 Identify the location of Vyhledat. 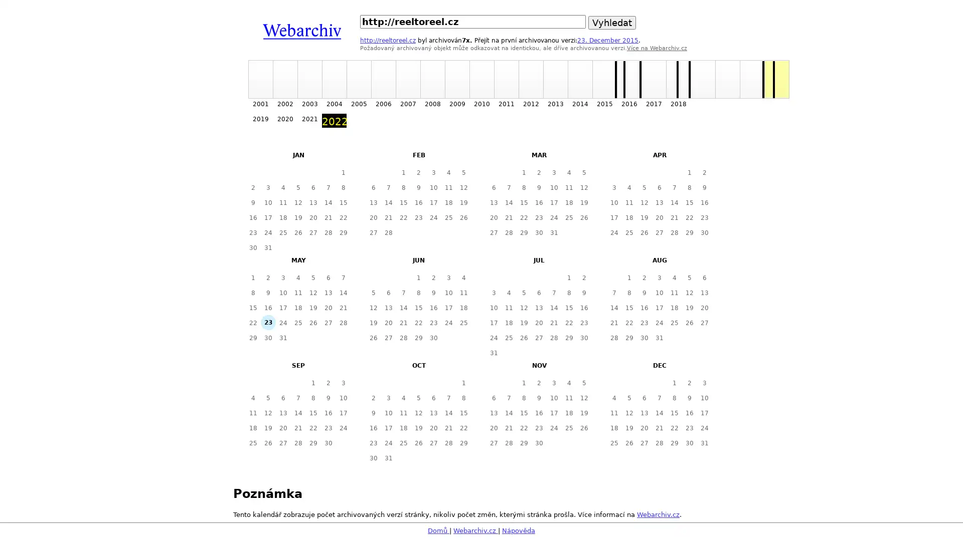
(611, 23).